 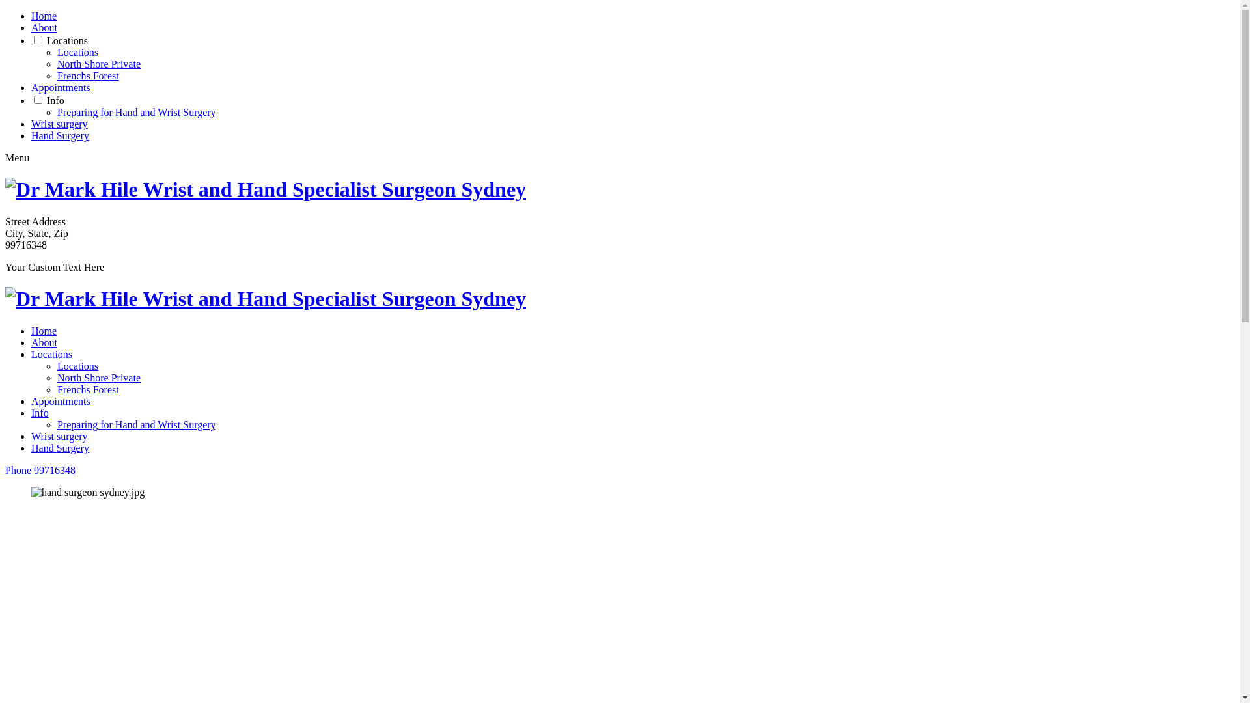 What do you see at coordinates (17, 157) in the screenshot?
I see `'Menu'` at bounding box center [17, 157].